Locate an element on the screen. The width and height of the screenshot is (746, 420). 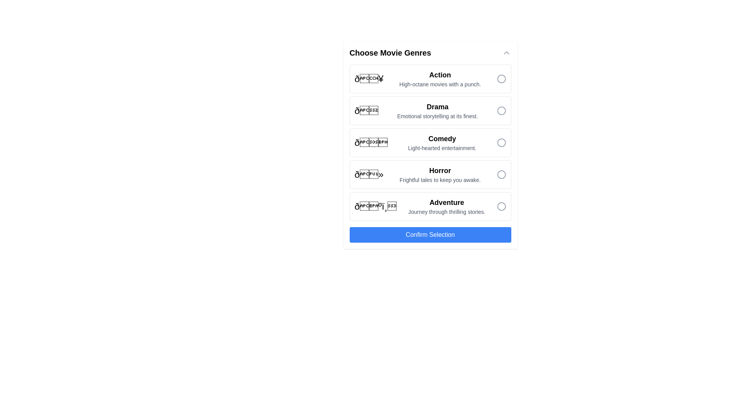
the 'Drama' genre selection option located below 'Action' and above 'Comedy' in the movie genre selection interface is located at coordinates (430, 111).